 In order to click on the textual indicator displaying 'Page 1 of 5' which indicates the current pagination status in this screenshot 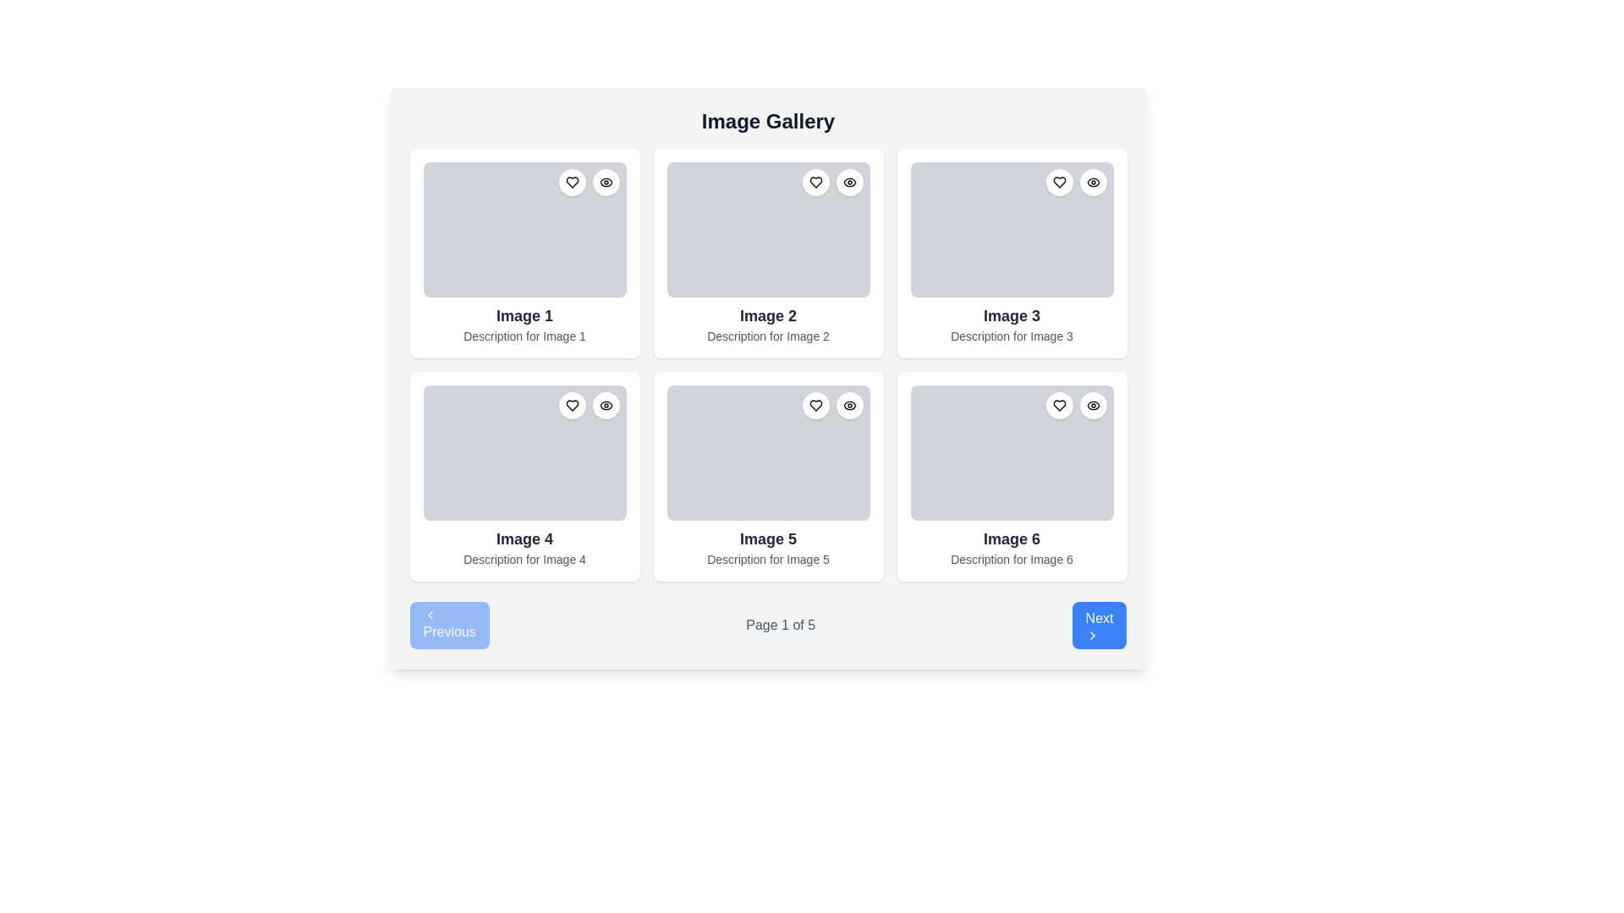, I will do `click(780, 626)`.